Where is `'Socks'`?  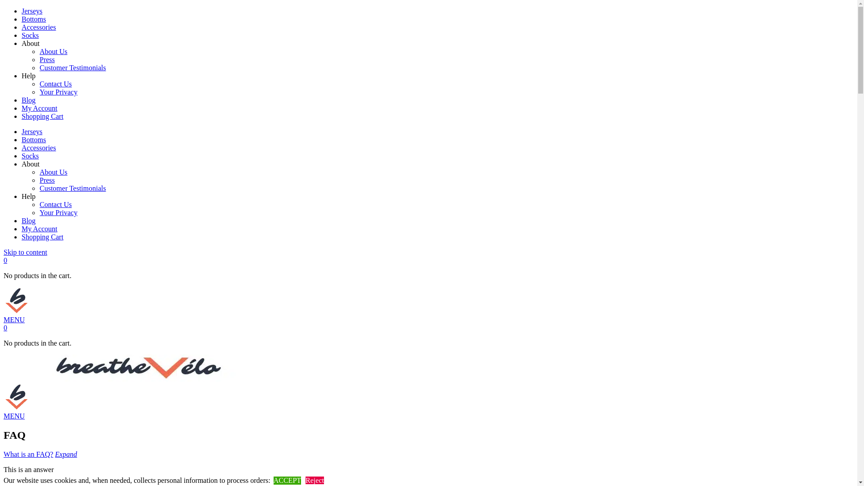
'Socks' is located at coordinates (30, 155).